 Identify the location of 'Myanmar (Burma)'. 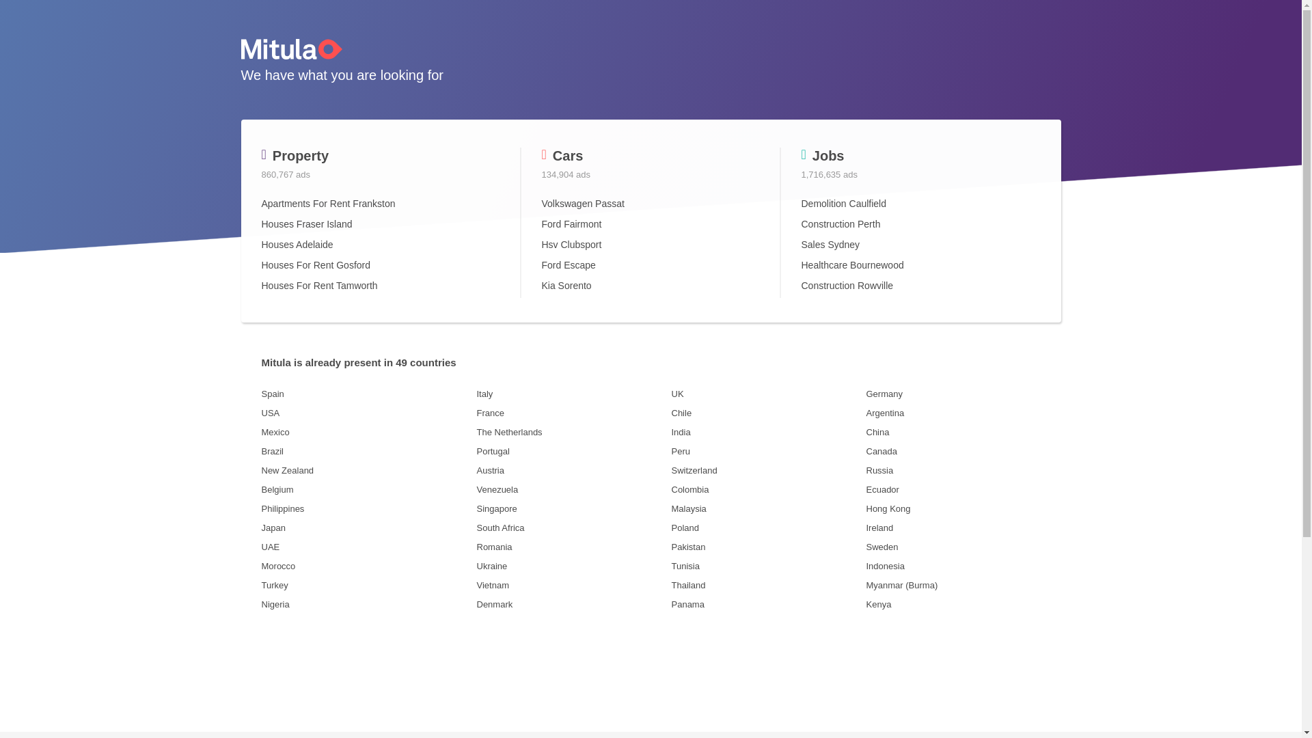
(953, 584).